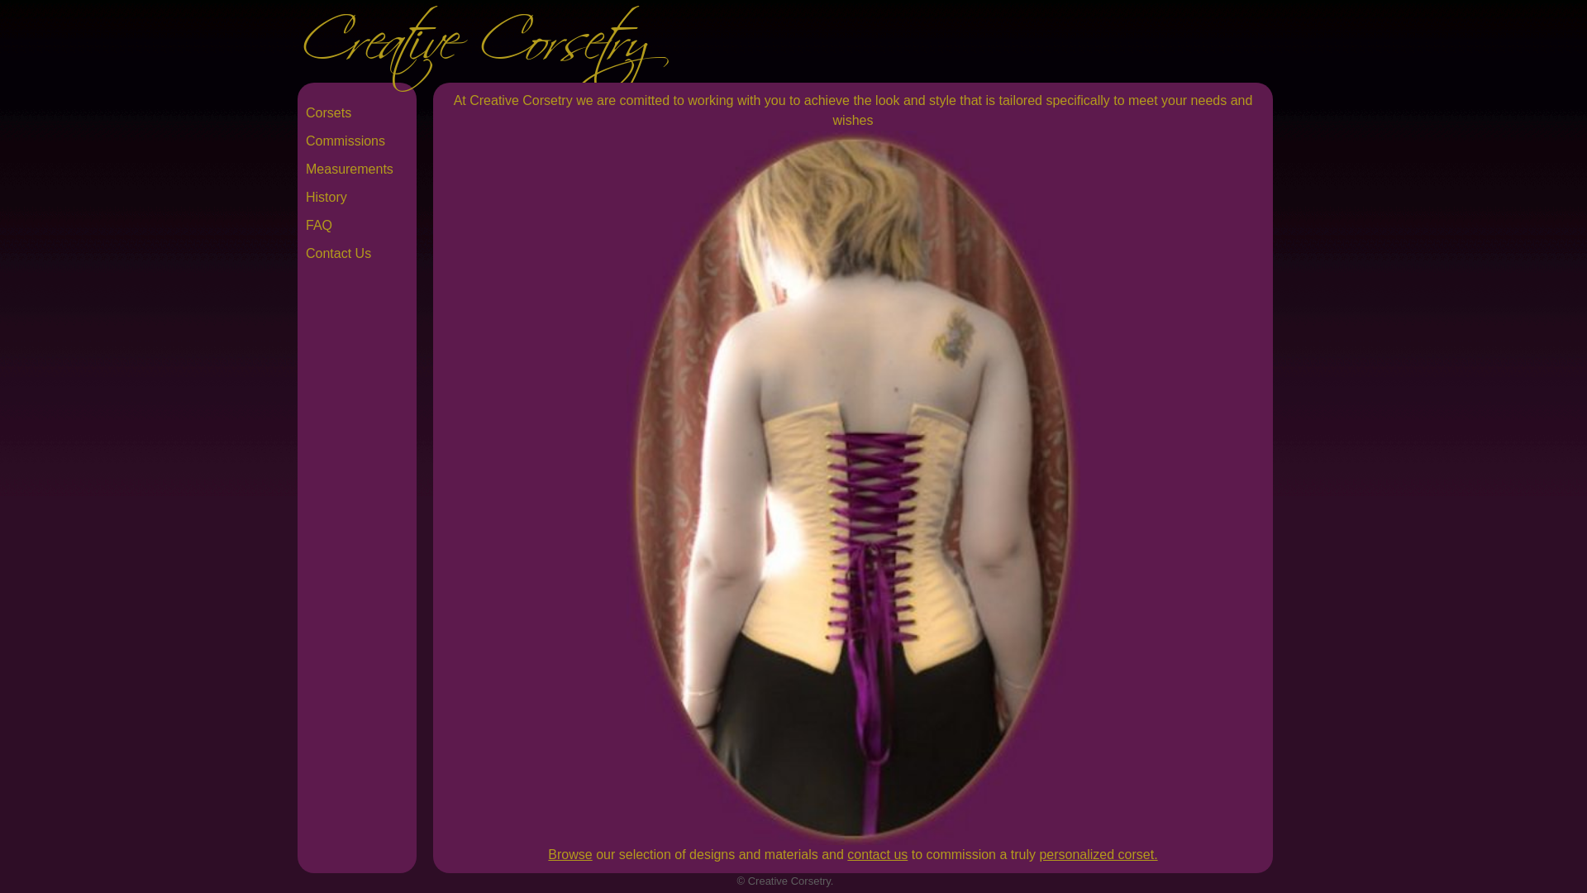 The image size is (1587, 893). What do you see at coordinates (1098, 854) in the screenshot?
I see `'personalized corset.'` at bounding box center [1098, 854].